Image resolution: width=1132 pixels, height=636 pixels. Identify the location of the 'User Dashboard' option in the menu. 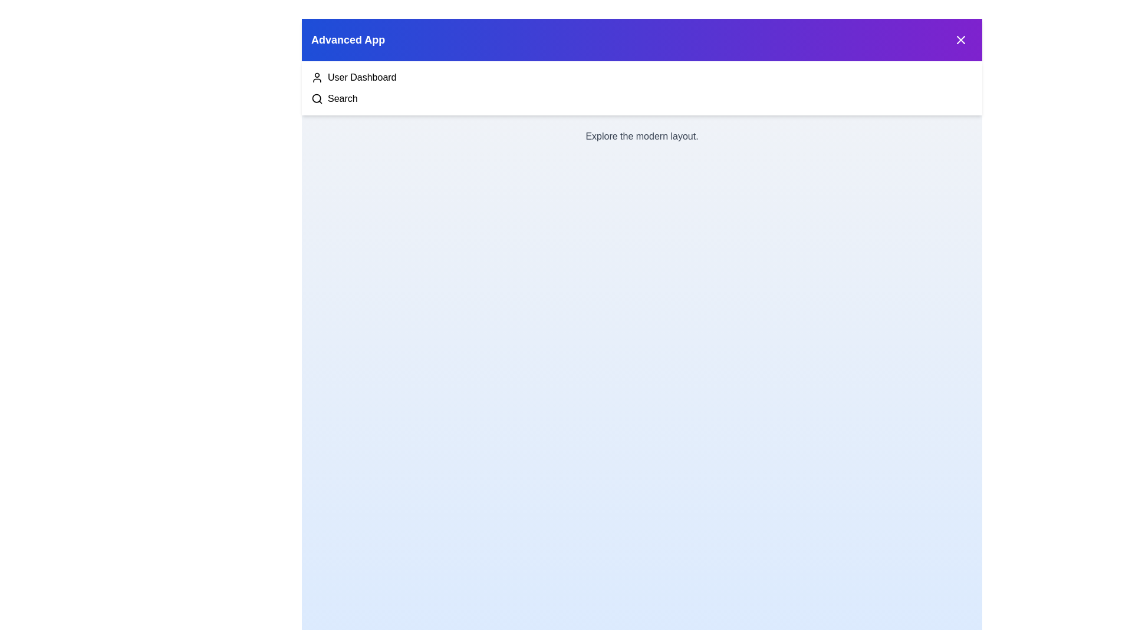
(361, 77).